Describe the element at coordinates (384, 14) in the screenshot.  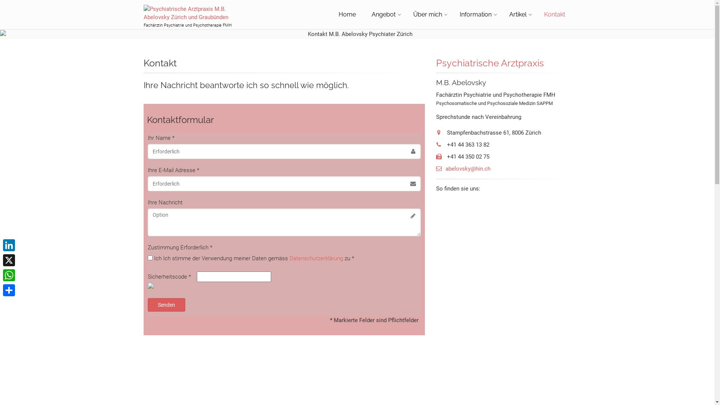
I see `'Angebot'` at that location.